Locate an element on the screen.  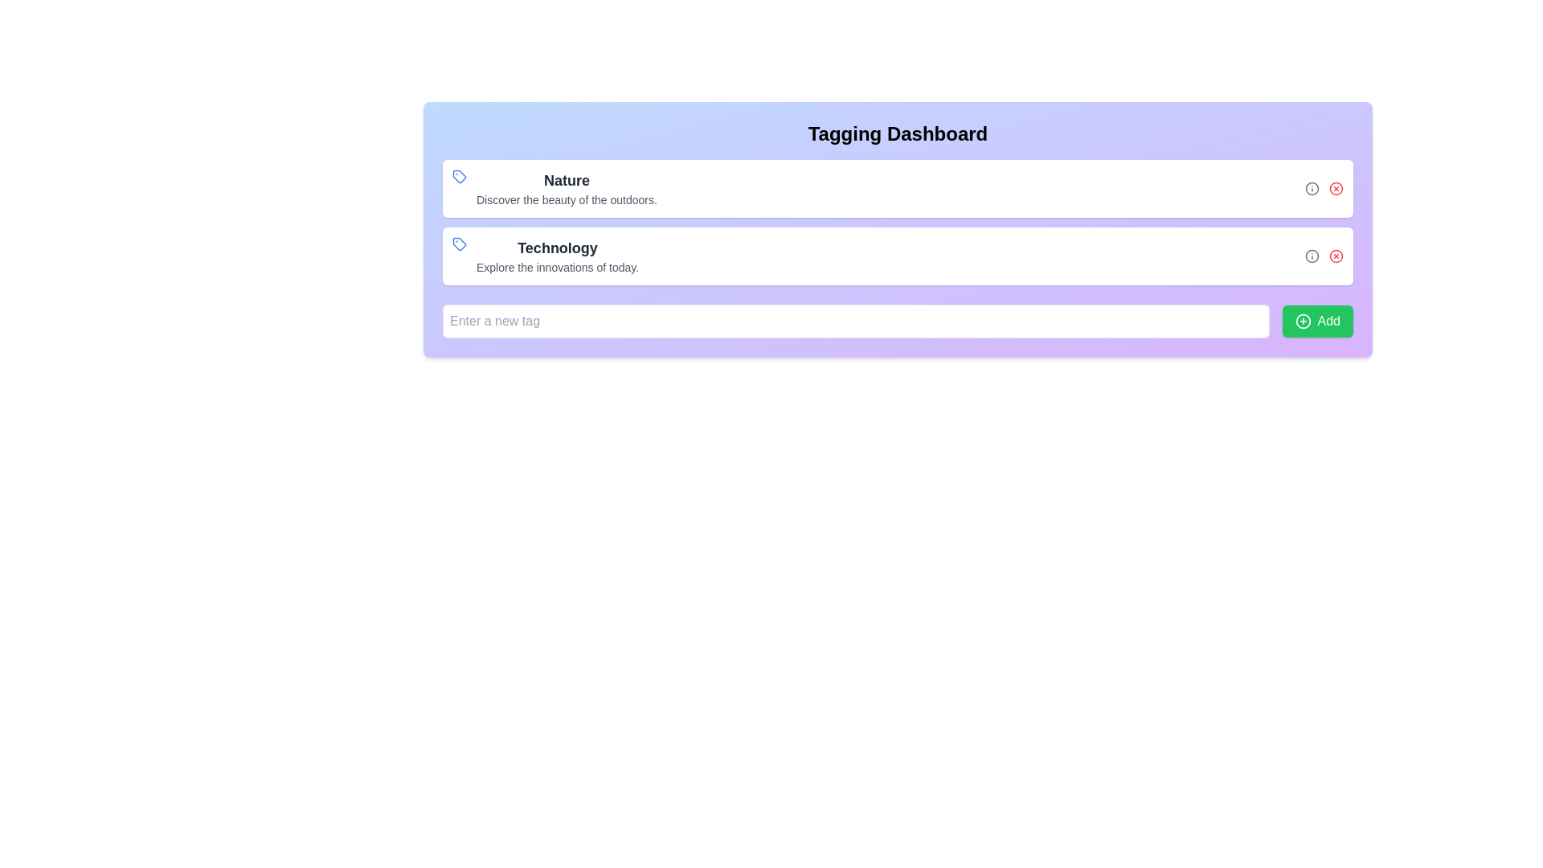
the icon located on the leftmost side of the 'Technology' section, which is adjacent to the word 'Technology' and above the text 'Explore the innovations of today.' is located at coordinates (458, 244).